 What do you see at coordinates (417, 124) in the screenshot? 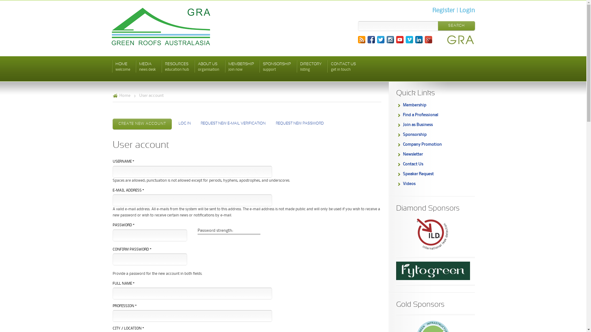
I see `'Join as Business'` at bounding box center [417, 124].